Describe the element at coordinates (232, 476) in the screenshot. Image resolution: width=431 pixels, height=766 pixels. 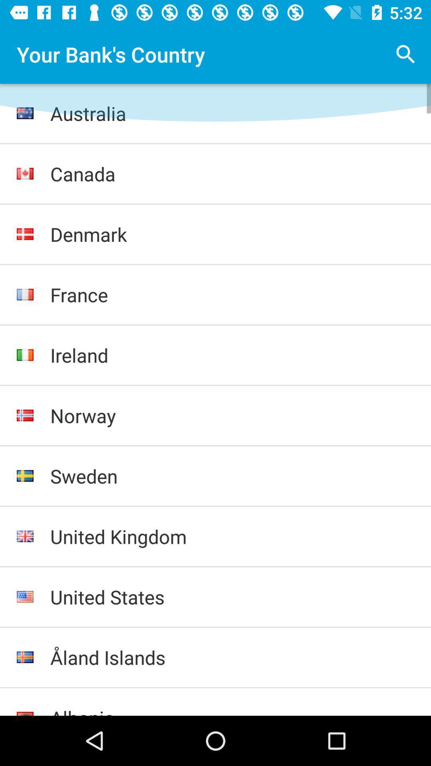
I see `sweden item` at that location.